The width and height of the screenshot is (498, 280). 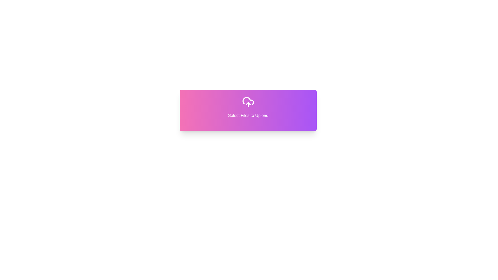 What do you see at coordinates (248, 107) in the screenshot?
I see `the rectangular button with a gradient background and the text 'Select Files to Upload' to receive visual feedback` at bounding box center [248, 107].